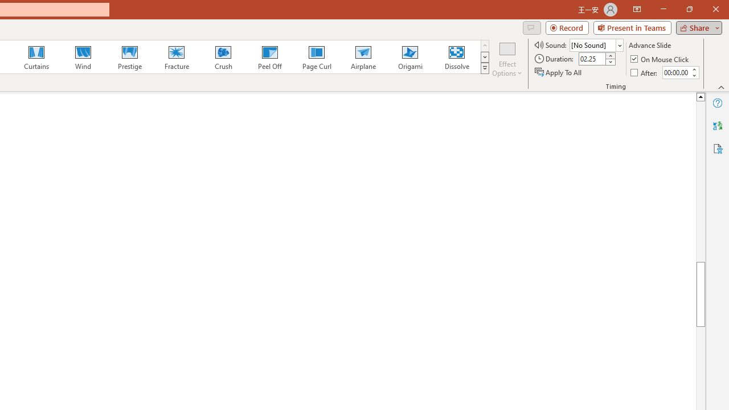 The image size is (729, 410). Describe the element at coordinates (645, 72) in the screenshot. I see `'After'` at that location.